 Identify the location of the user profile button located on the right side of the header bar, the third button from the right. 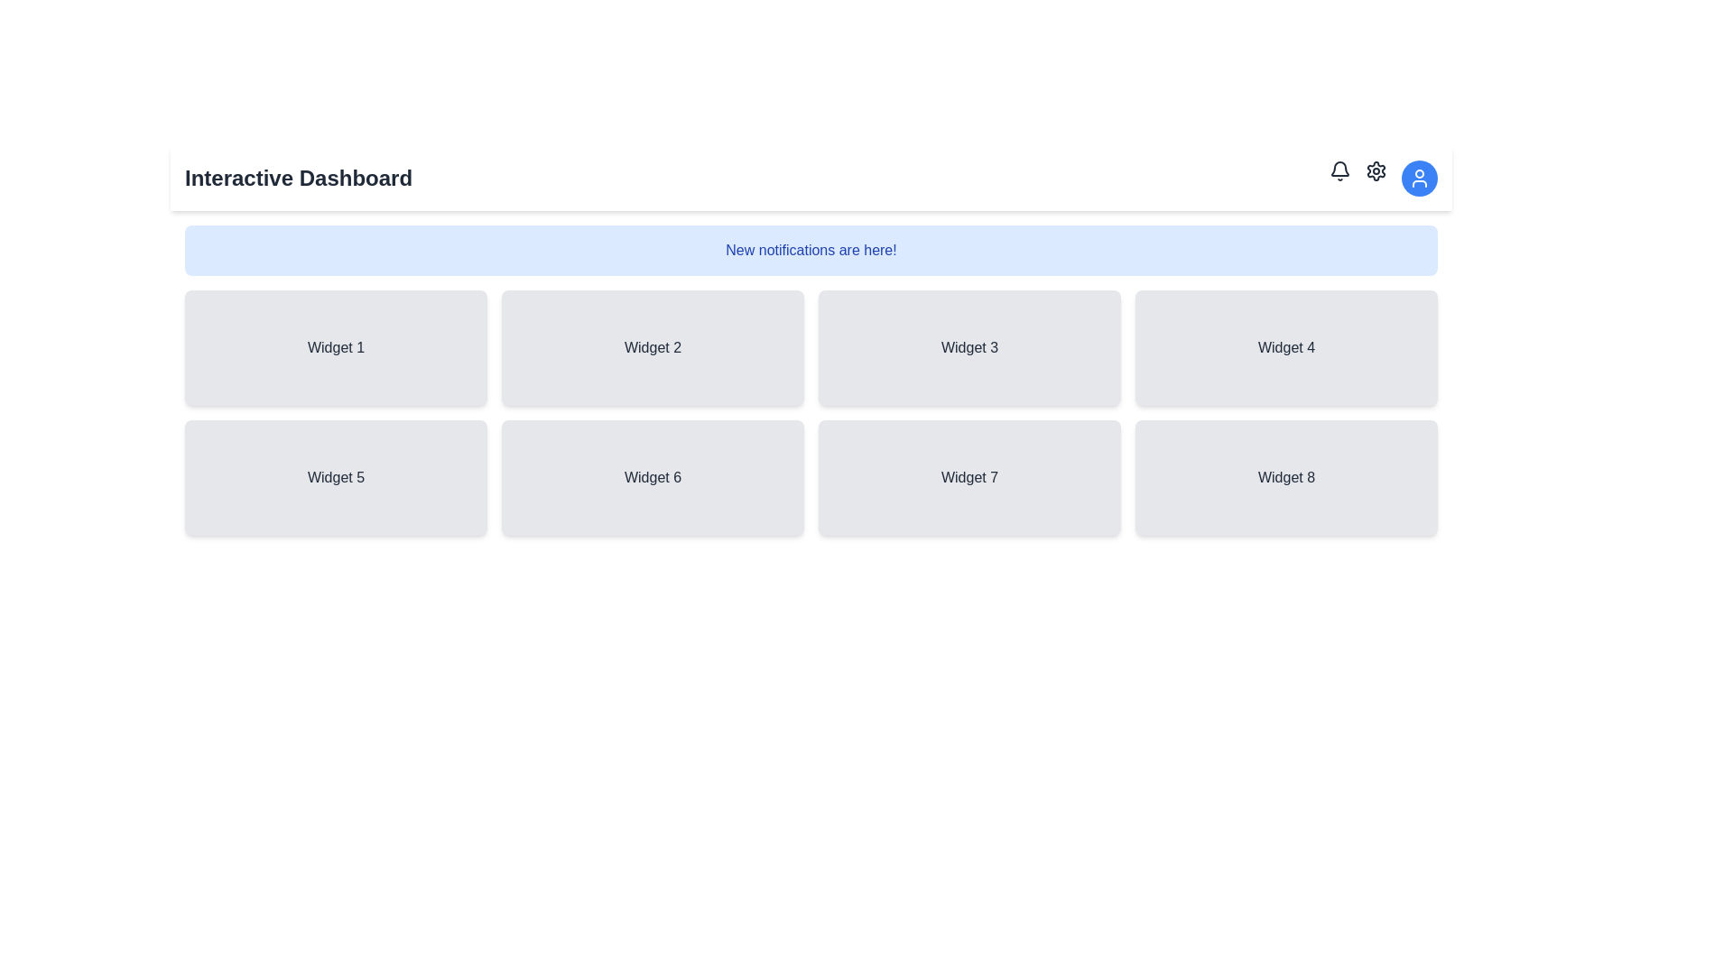
(1419, 178).